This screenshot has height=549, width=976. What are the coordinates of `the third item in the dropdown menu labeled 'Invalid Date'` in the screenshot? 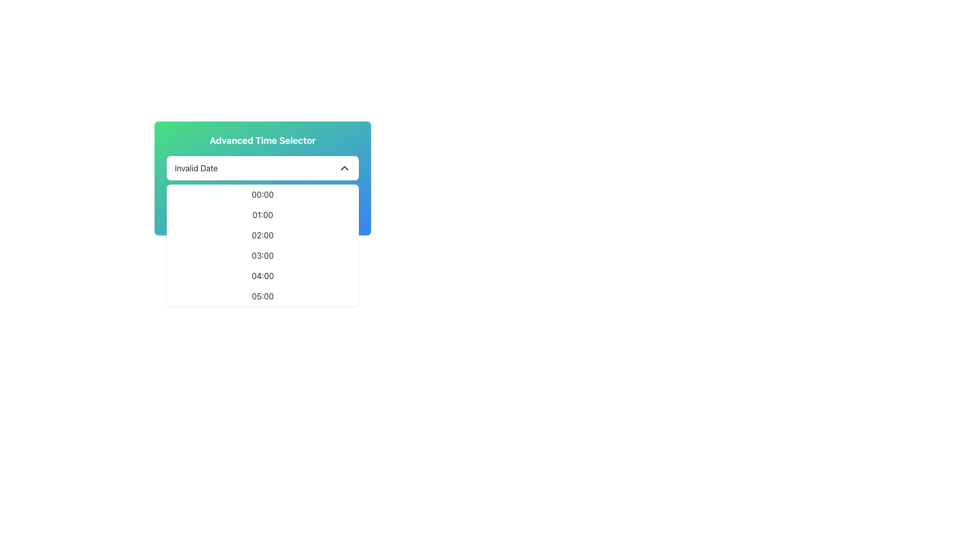 It's located at (263, 245).